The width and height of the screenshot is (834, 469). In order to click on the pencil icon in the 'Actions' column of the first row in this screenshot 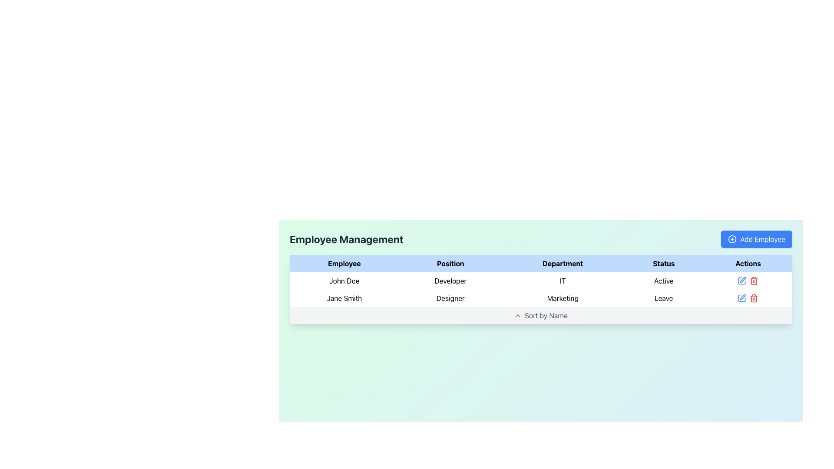, I will do `click(748, 281)`.